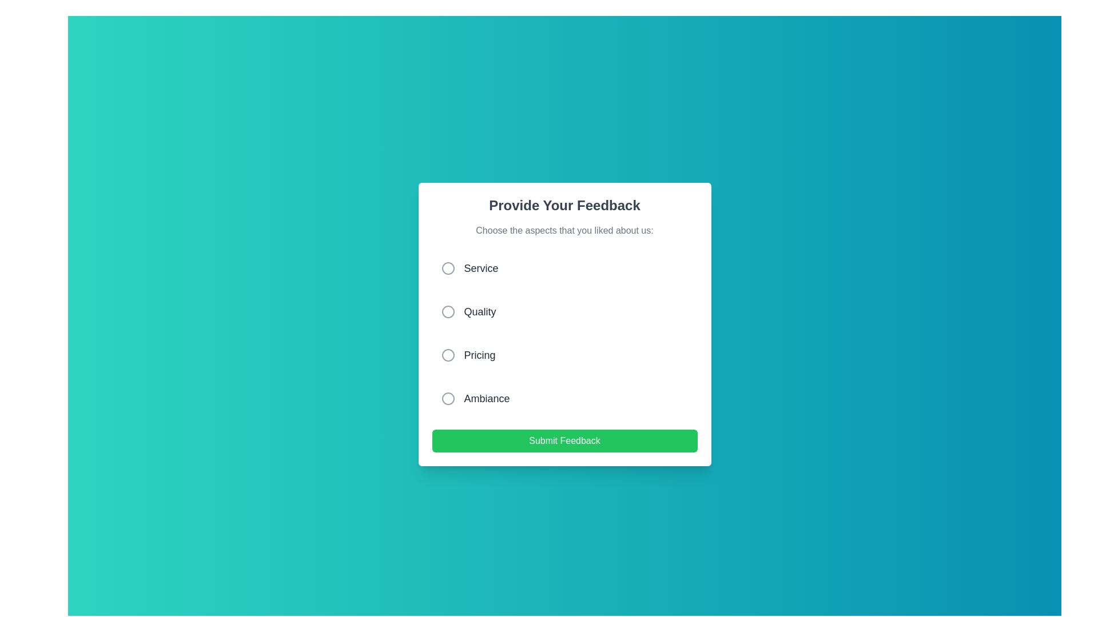 This screenshot has width=1098, height=617. I want to click on the aspect row corresponding to Ambiance, so click(564, 398).